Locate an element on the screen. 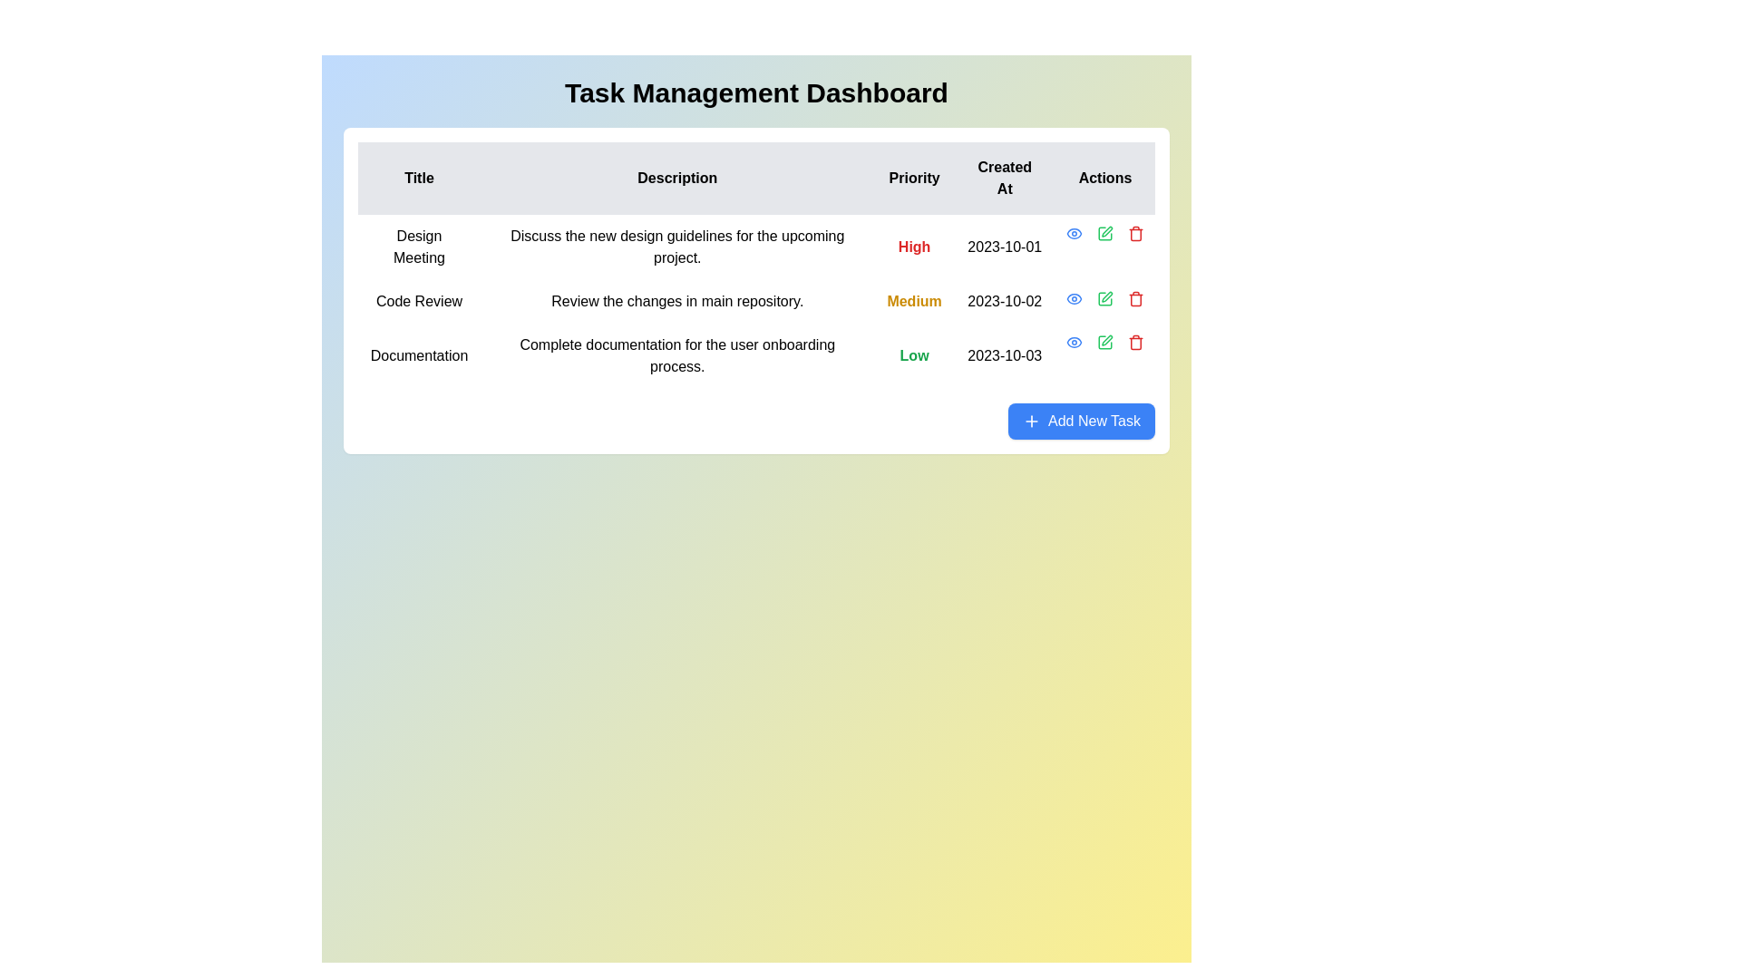 Image resolution: width=1741 pixels, height=979 pixels. the 'View Details' button in the 'Actions' column of the second row for the 'Code Review' task to observe the hover effect is located at coordinates (1075, 298).